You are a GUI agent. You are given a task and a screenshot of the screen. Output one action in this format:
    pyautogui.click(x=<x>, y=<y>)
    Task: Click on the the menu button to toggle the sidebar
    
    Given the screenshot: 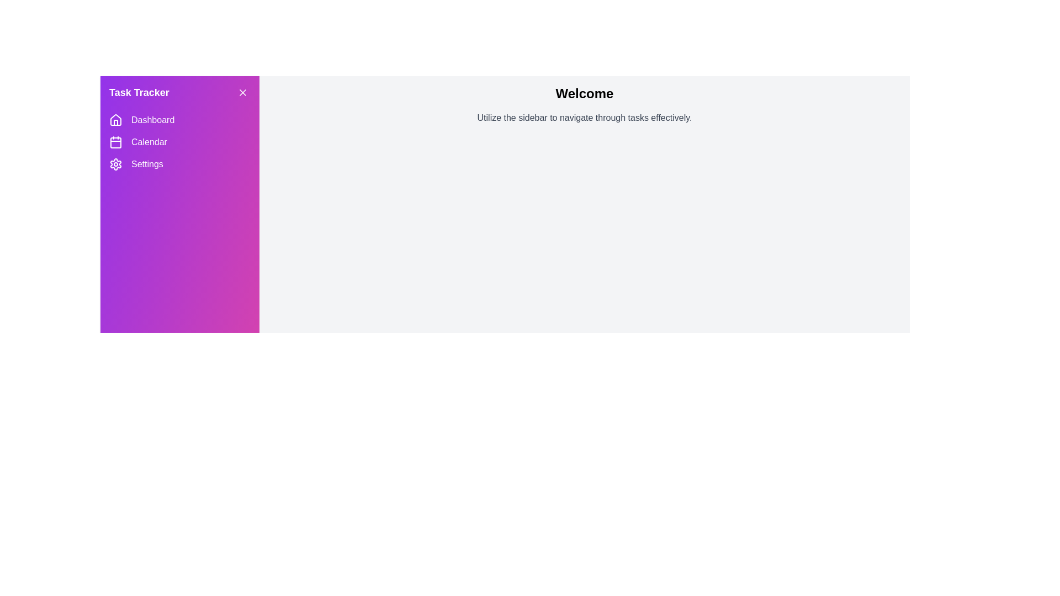 What is the action you would take?
    pyautogui.click(x=242, y=92)
    